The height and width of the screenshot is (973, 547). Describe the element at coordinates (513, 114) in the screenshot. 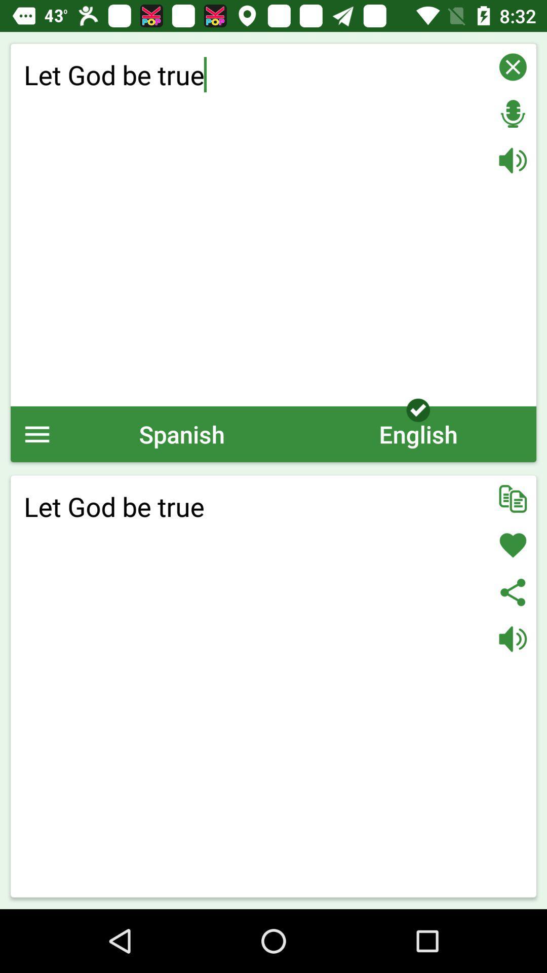

I see `record voice` at that location.